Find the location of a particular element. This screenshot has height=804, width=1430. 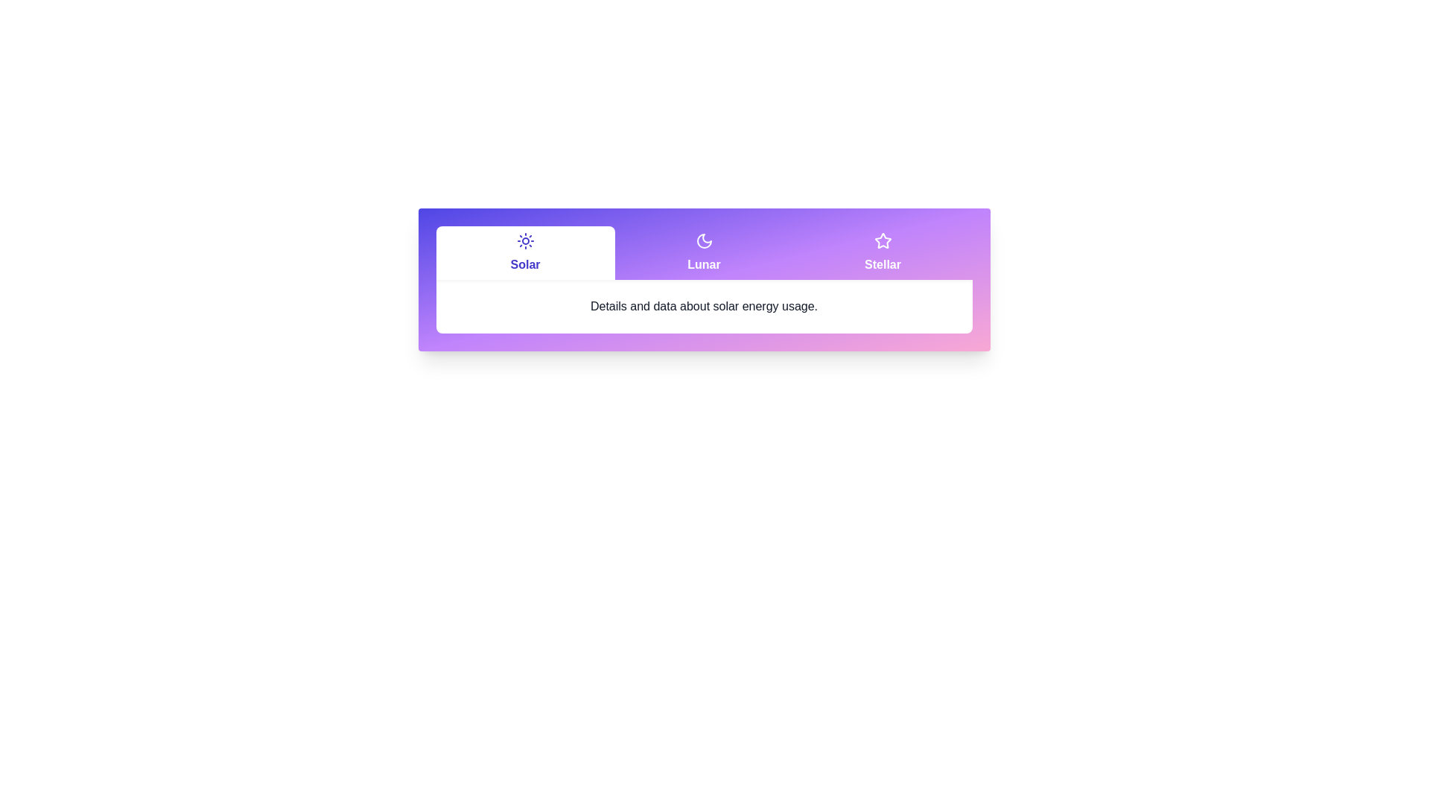

the Stellar tab by clicking its header is located at coordinates (883, 252).